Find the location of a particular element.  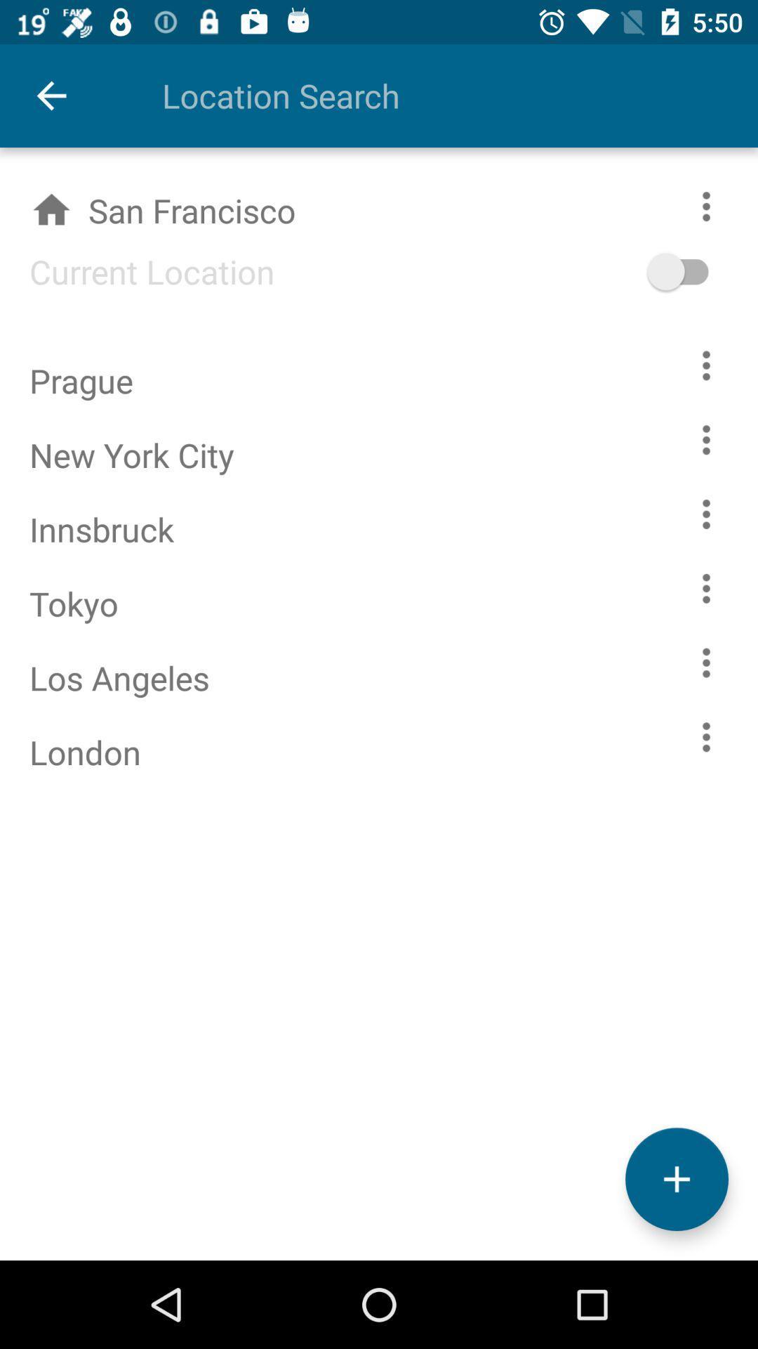

find more options for the innsbruck selection is located at coordinates (706, 513).